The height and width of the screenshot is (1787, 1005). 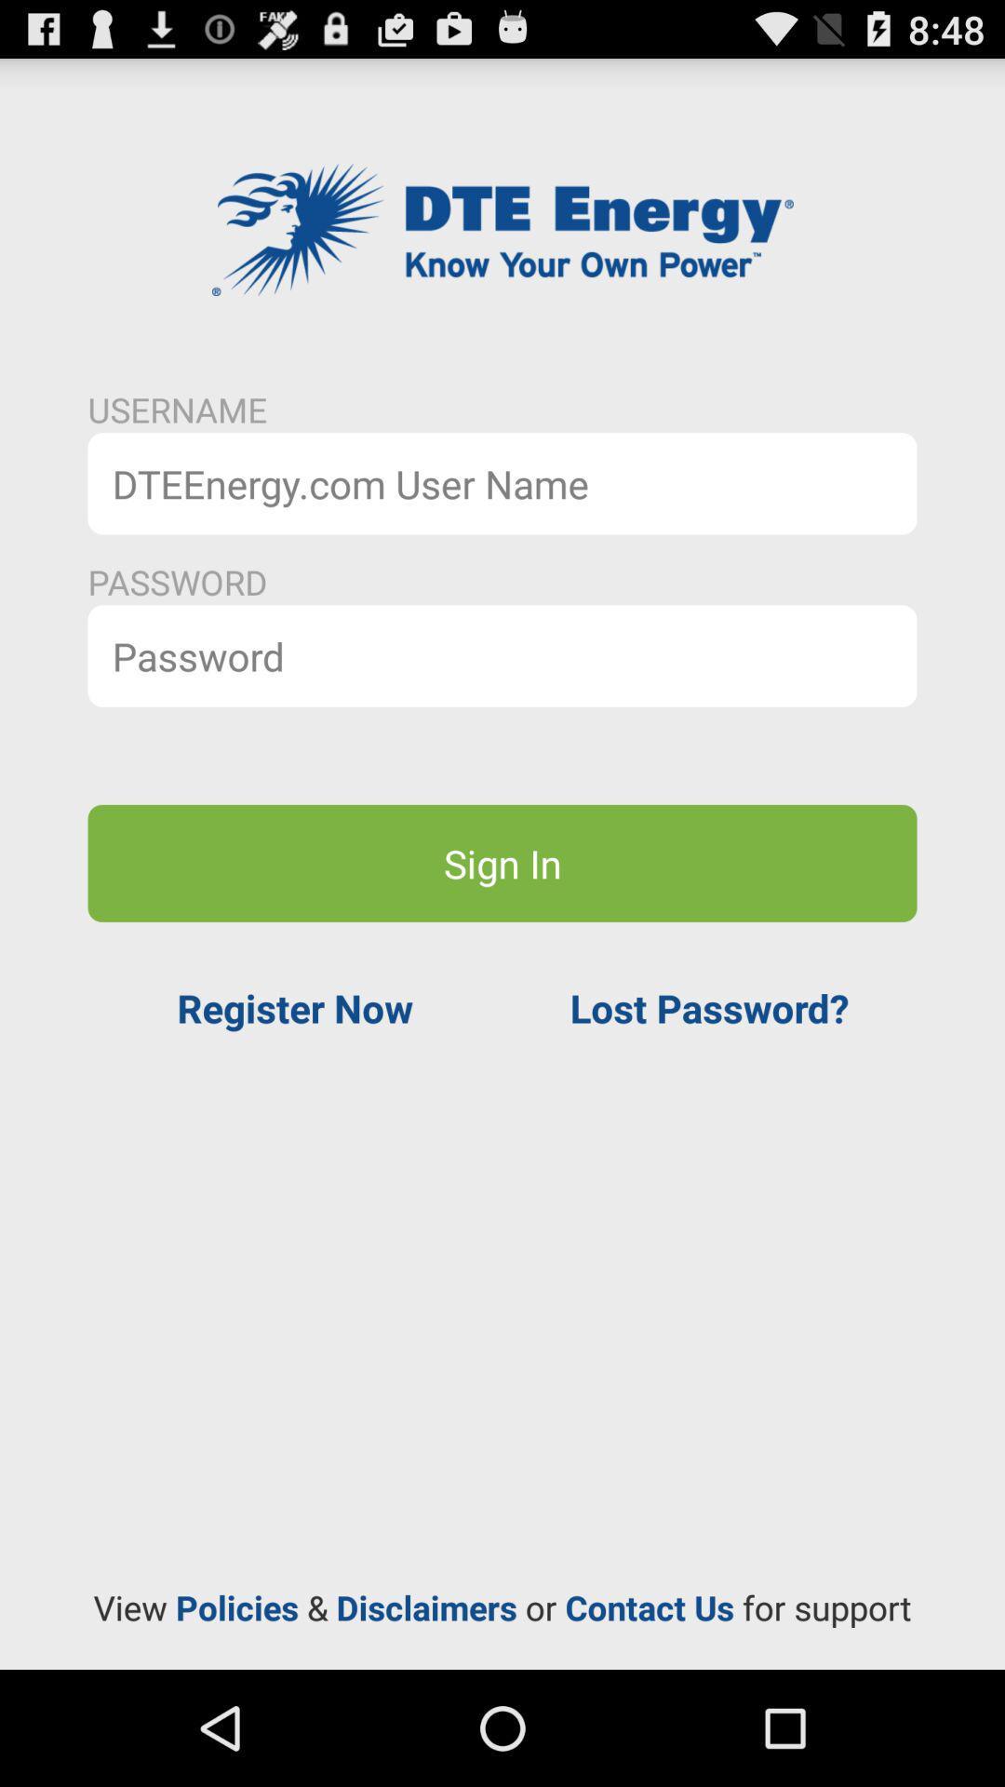 I want to click on the app above the register now item, so click(x=502, y=862).